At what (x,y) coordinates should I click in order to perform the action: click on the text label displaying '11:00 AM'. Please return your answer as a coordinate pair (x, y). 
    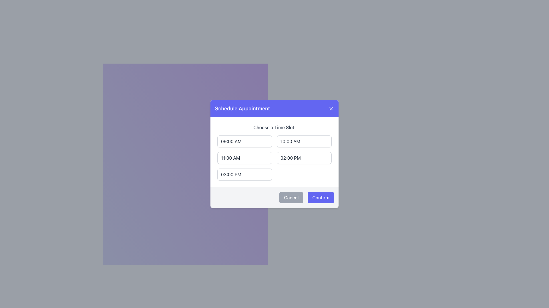
    Looking at the image, I should click on (230, 158).